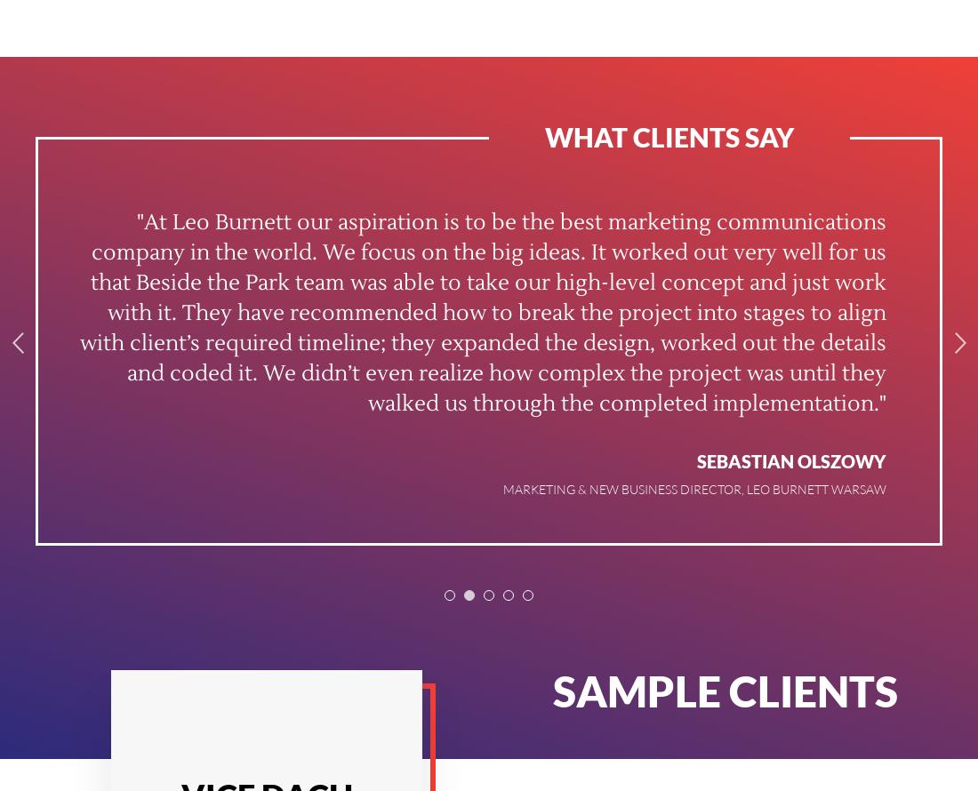 The height and width of the screenshot is (791, 978). I want to click on '5', so click(526, 596).